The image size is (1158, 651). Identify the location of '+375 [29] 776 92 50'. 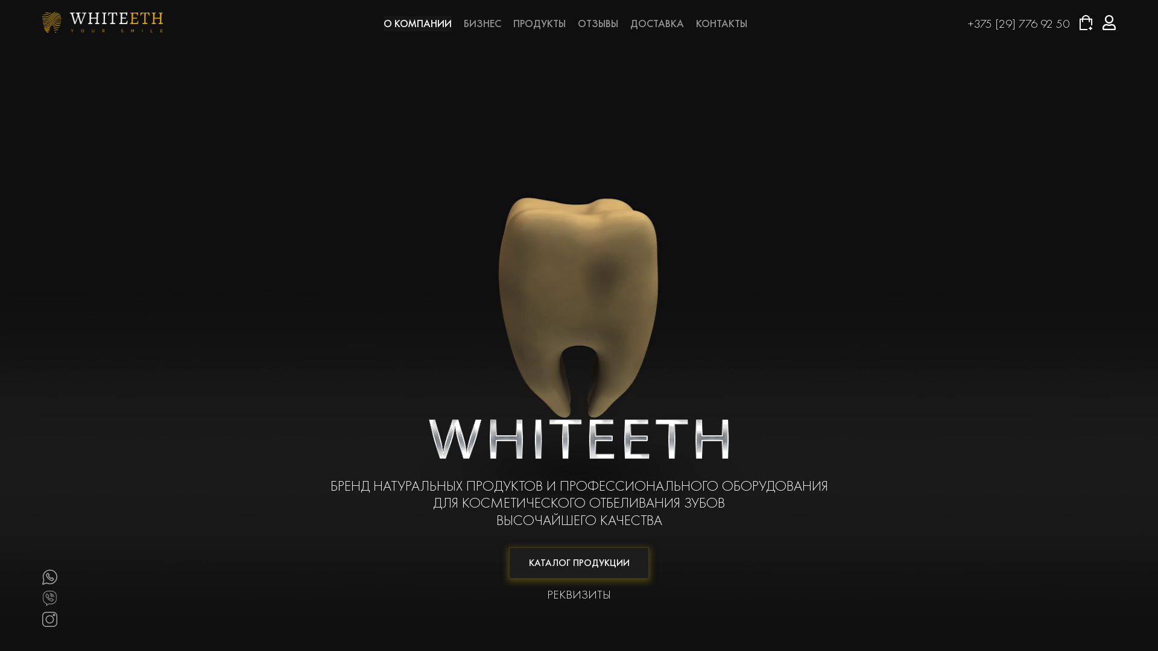
(1017, 23).